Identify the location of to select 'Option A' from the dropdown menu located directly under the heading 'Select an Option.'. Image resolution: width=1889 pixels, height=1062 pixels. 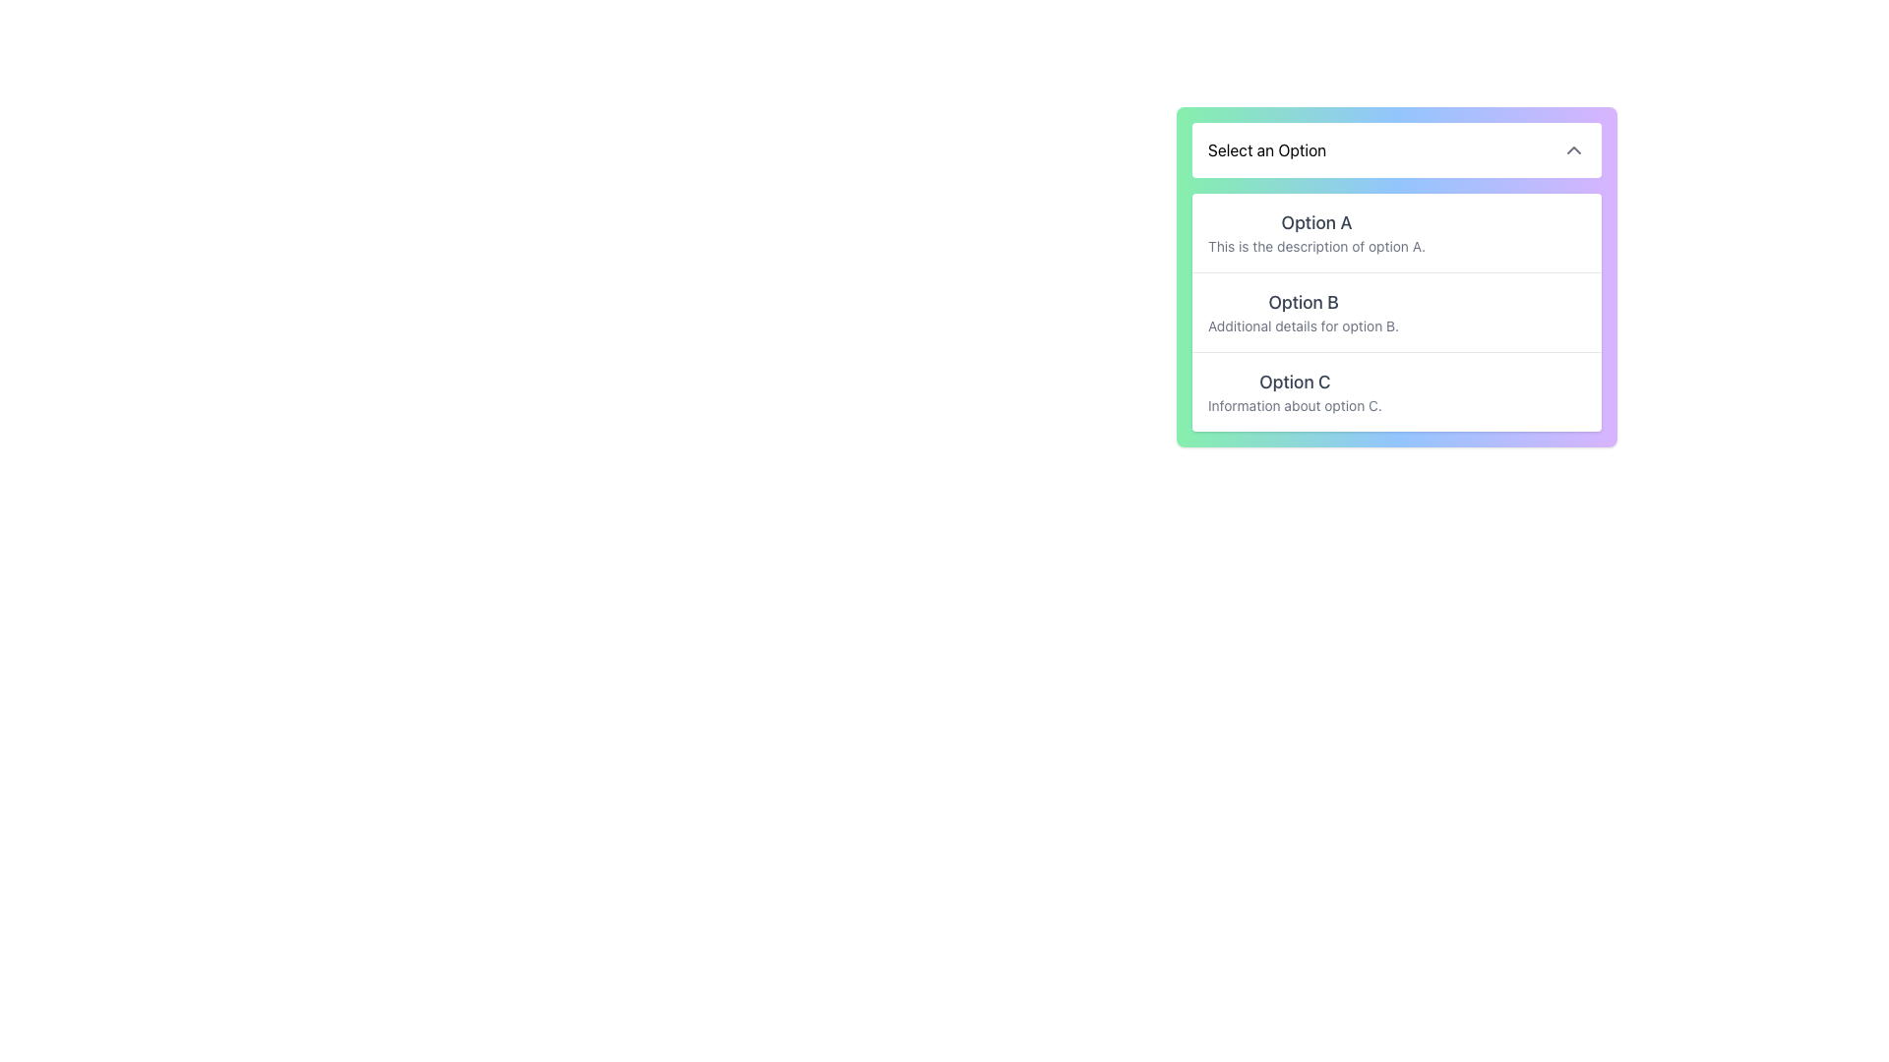
(1316, 231).